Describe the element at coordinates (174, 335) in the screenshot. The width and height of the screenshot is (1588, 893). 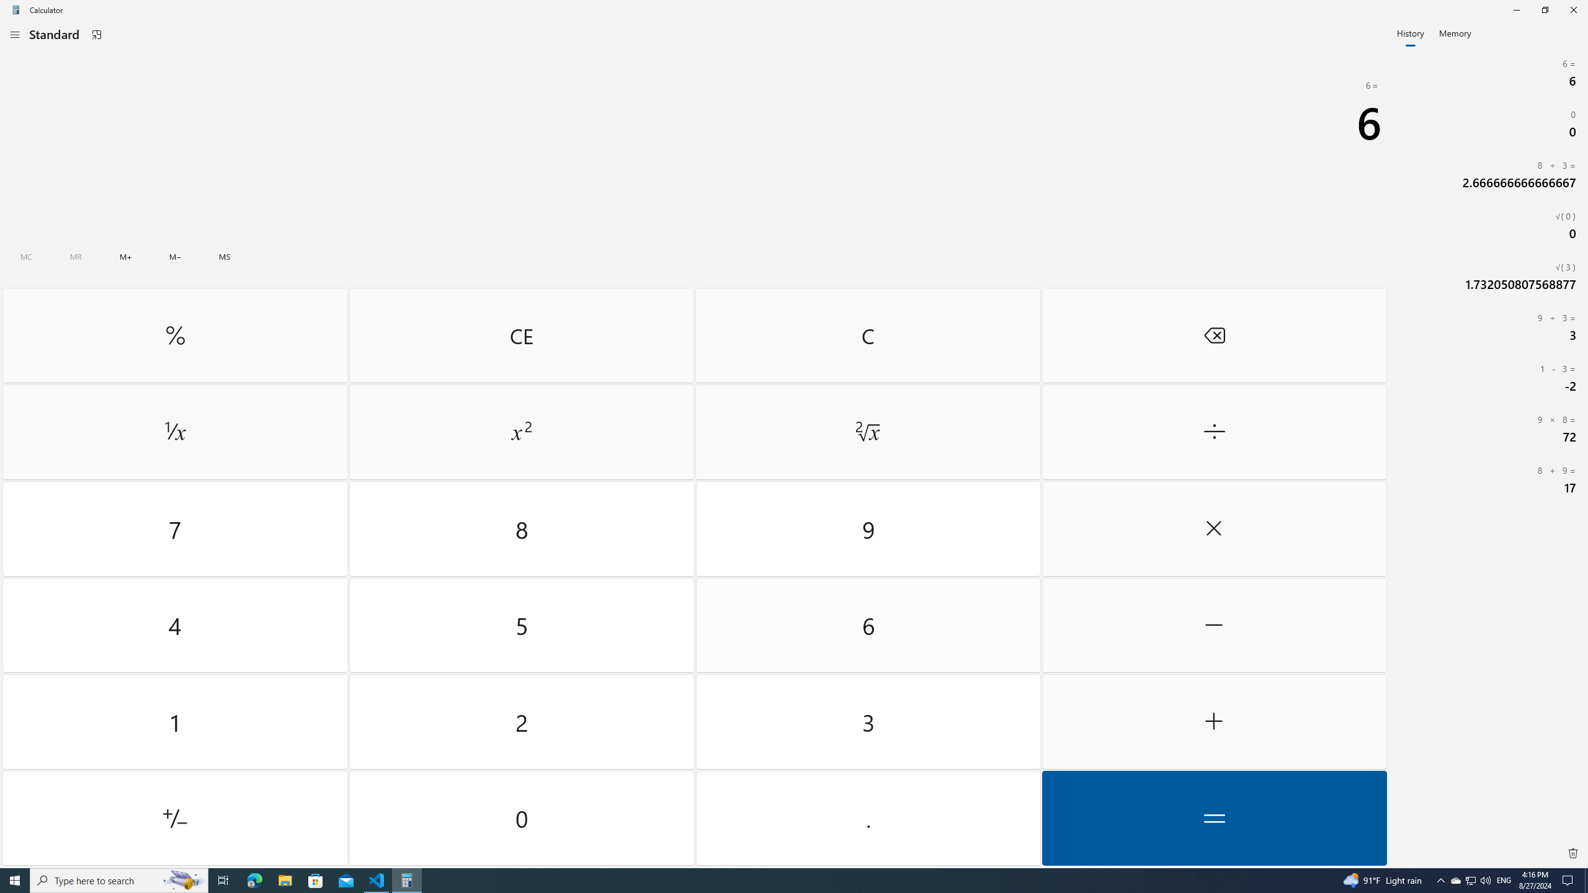
I see `'Percent'` at that location.